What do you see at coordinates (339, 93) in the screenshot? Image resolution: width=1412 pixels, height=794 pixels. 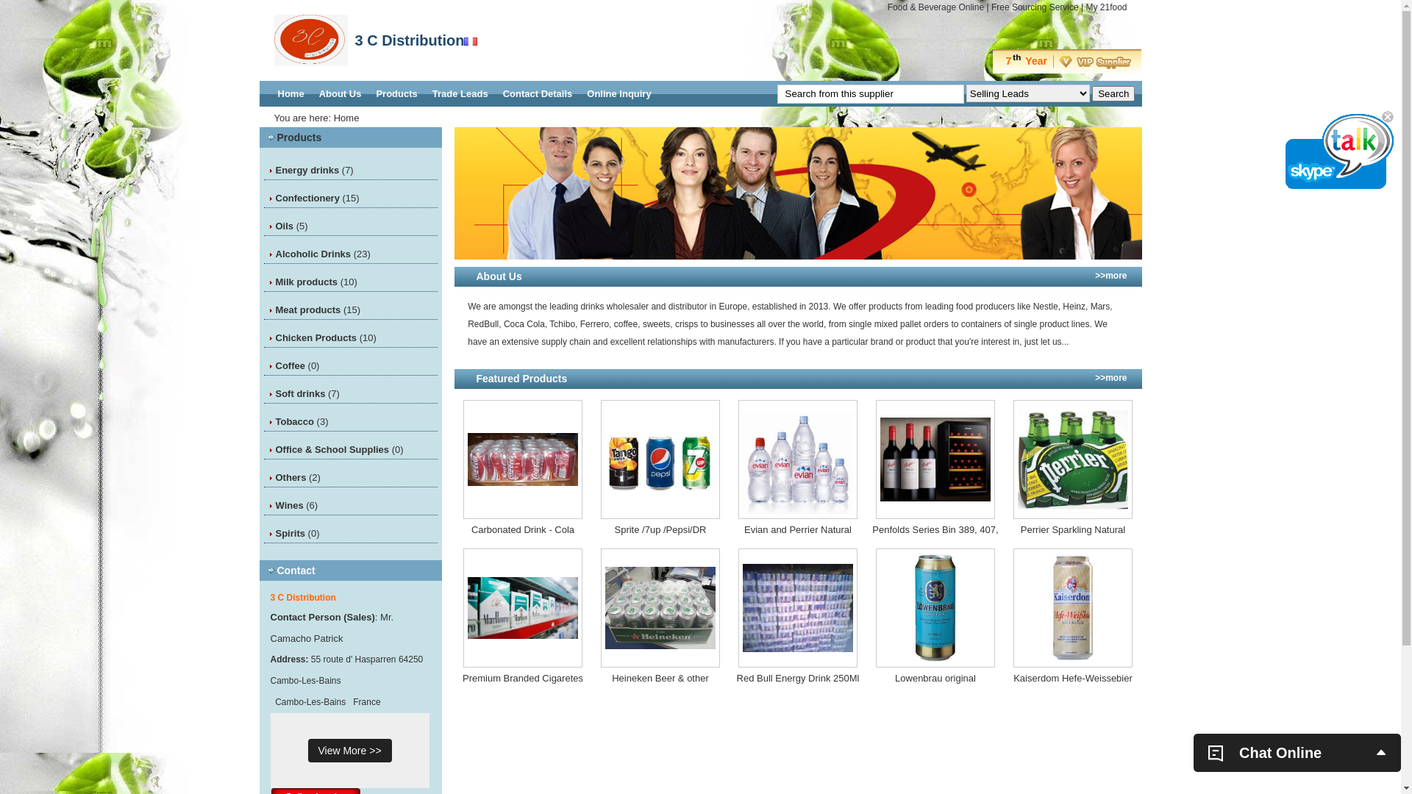 I see `'About Us'` at bounding box center [339, 93].